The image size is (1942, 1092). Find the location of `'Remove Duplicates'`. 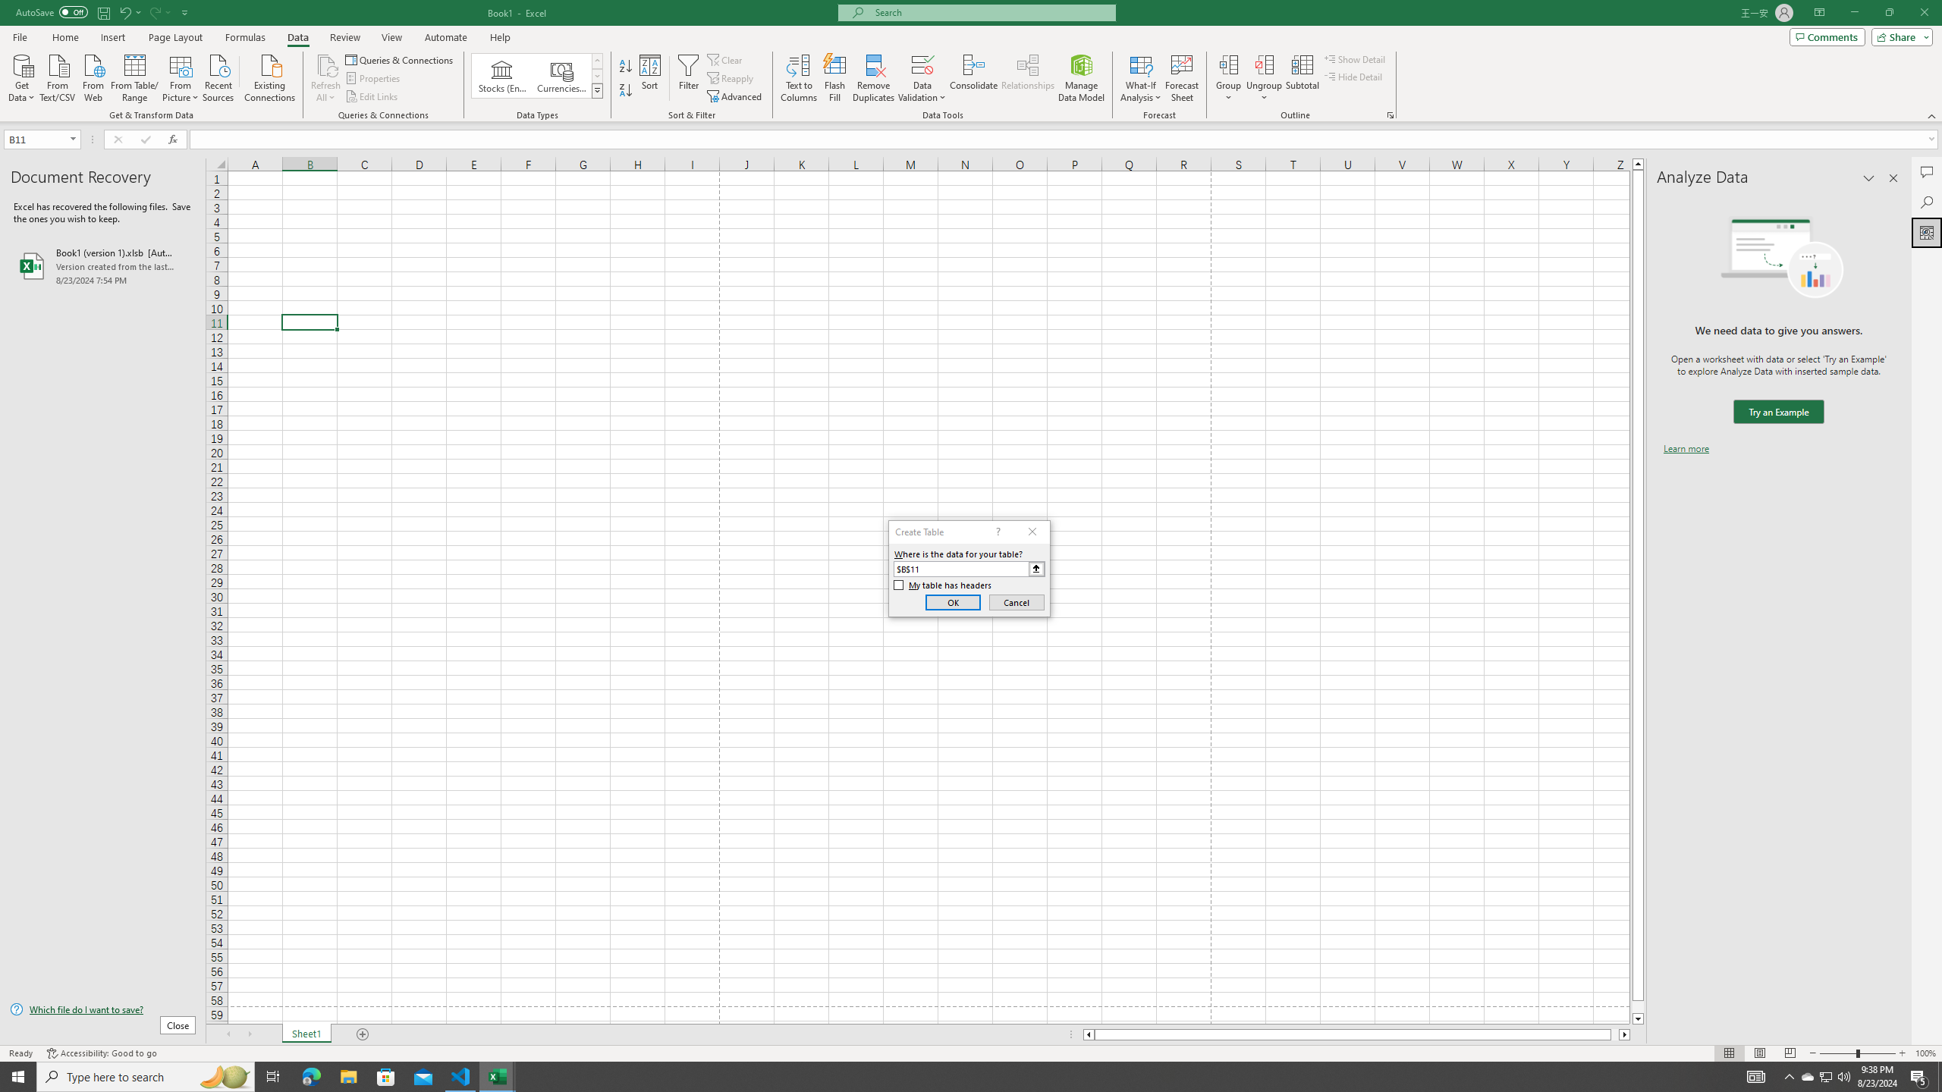

'Remove Duplicates' is located at coordinates (873, 78).